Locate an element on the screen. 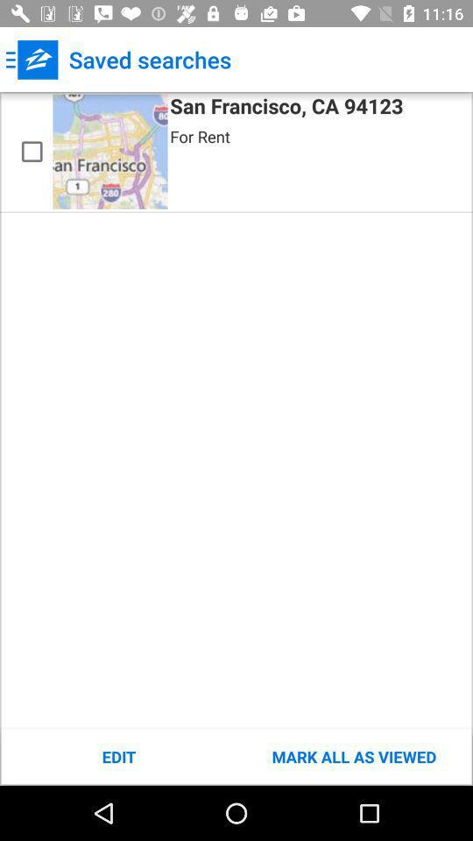  for rent is located at coordinates (199, 136).